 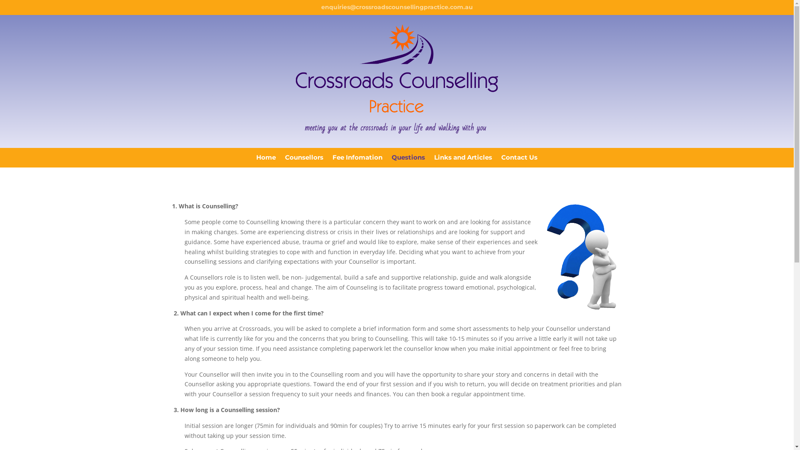 I want to click on 'Crossroads', so click(x=397, y=68).